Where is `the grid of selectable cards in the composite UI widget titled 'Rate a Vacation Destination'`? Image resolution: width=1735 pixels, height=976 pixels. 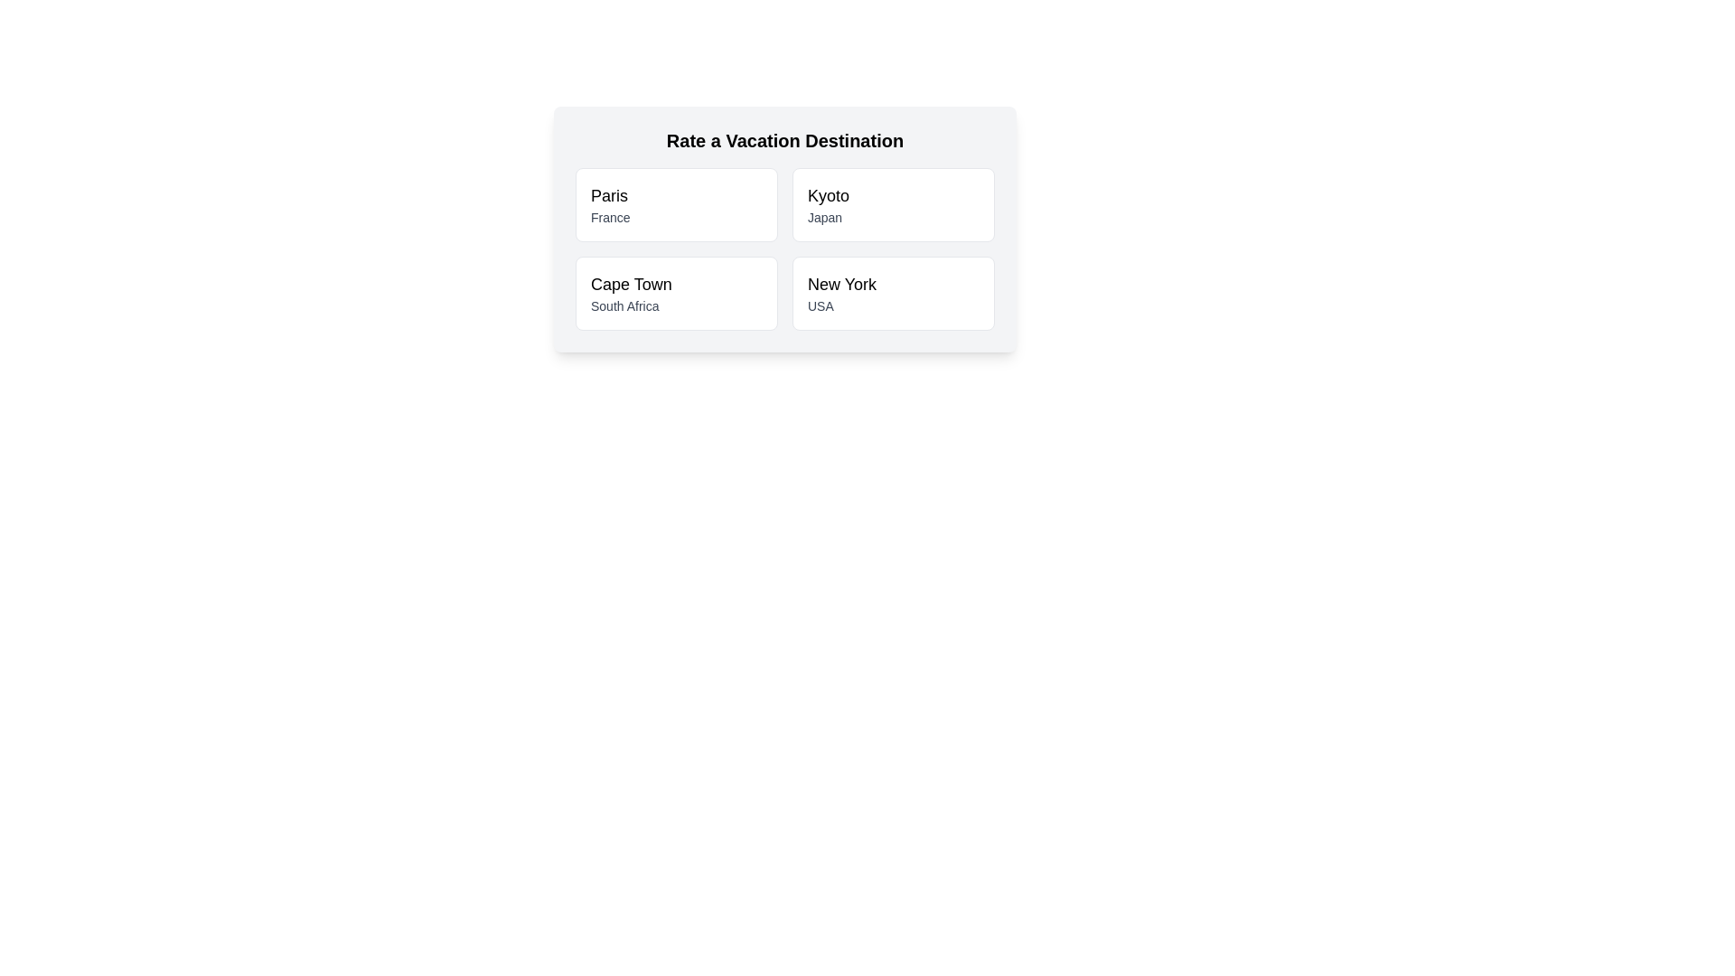
the grid of selectable cards in the composite UI widget titled 'Rate a Vacation Destination' is located at coordinates (784, 229).